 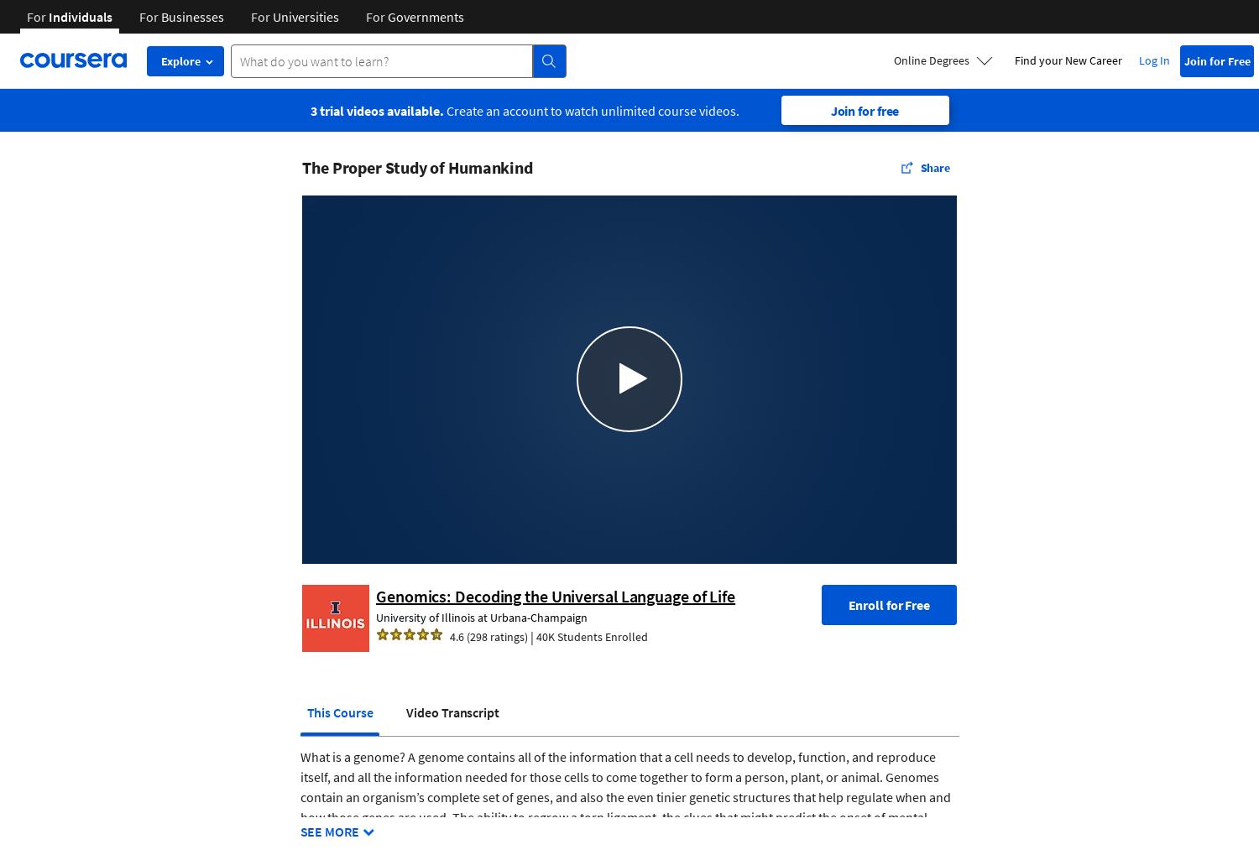 What do you see at coordinates (555, 595) in the screenshot?
I see `'Genomics: Decoding the Universal Language of Life'` at bounding box center [555, 595].